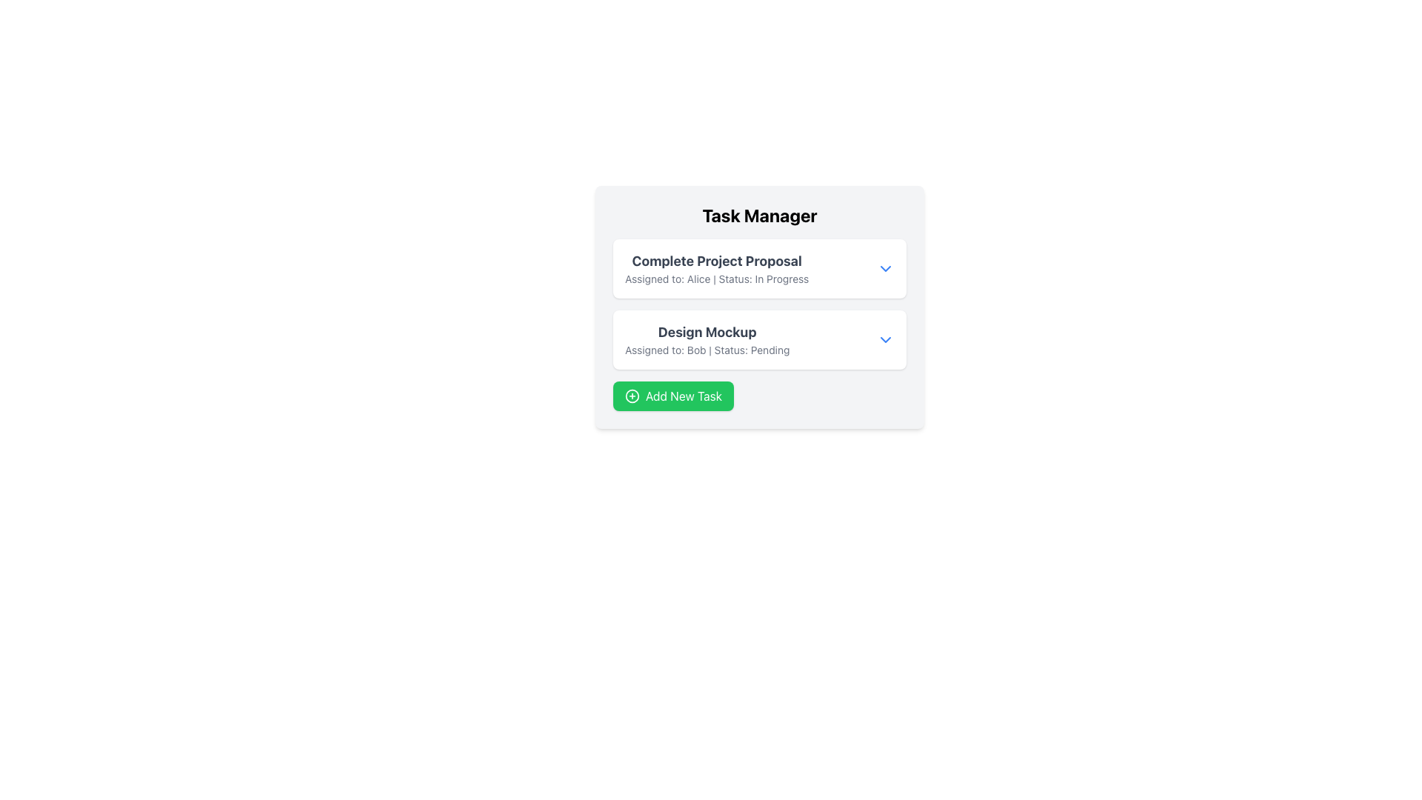 This screenshot has height=800, width=1422. I want to click on the Text Label that serves as the title for the task within the 'Complete Project Proposal' card, located above the smaller text description, so click(717, 261).